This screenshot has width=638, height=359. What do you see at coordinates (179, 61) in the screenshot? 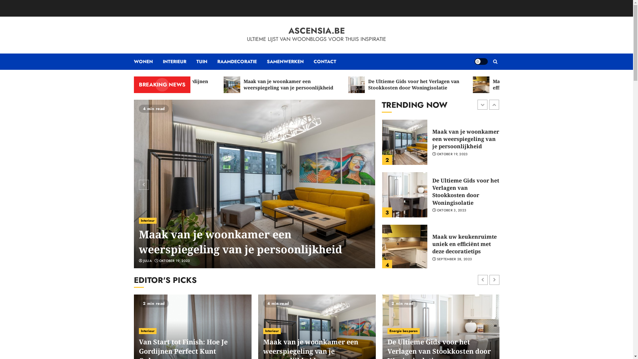
I see `'INTERIEUR'` at bounding box center [179, 61].